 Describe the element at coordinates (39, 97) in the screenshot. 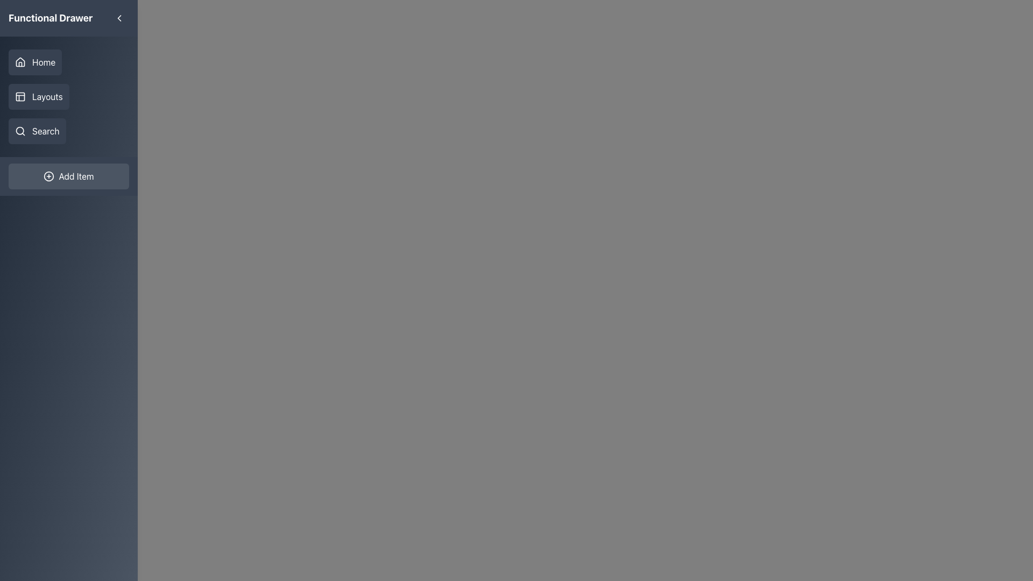

I see `the 'Layouts' button in the sidebar menu, which has a dark gray background and a white label with an icon representing a layout` at that location.